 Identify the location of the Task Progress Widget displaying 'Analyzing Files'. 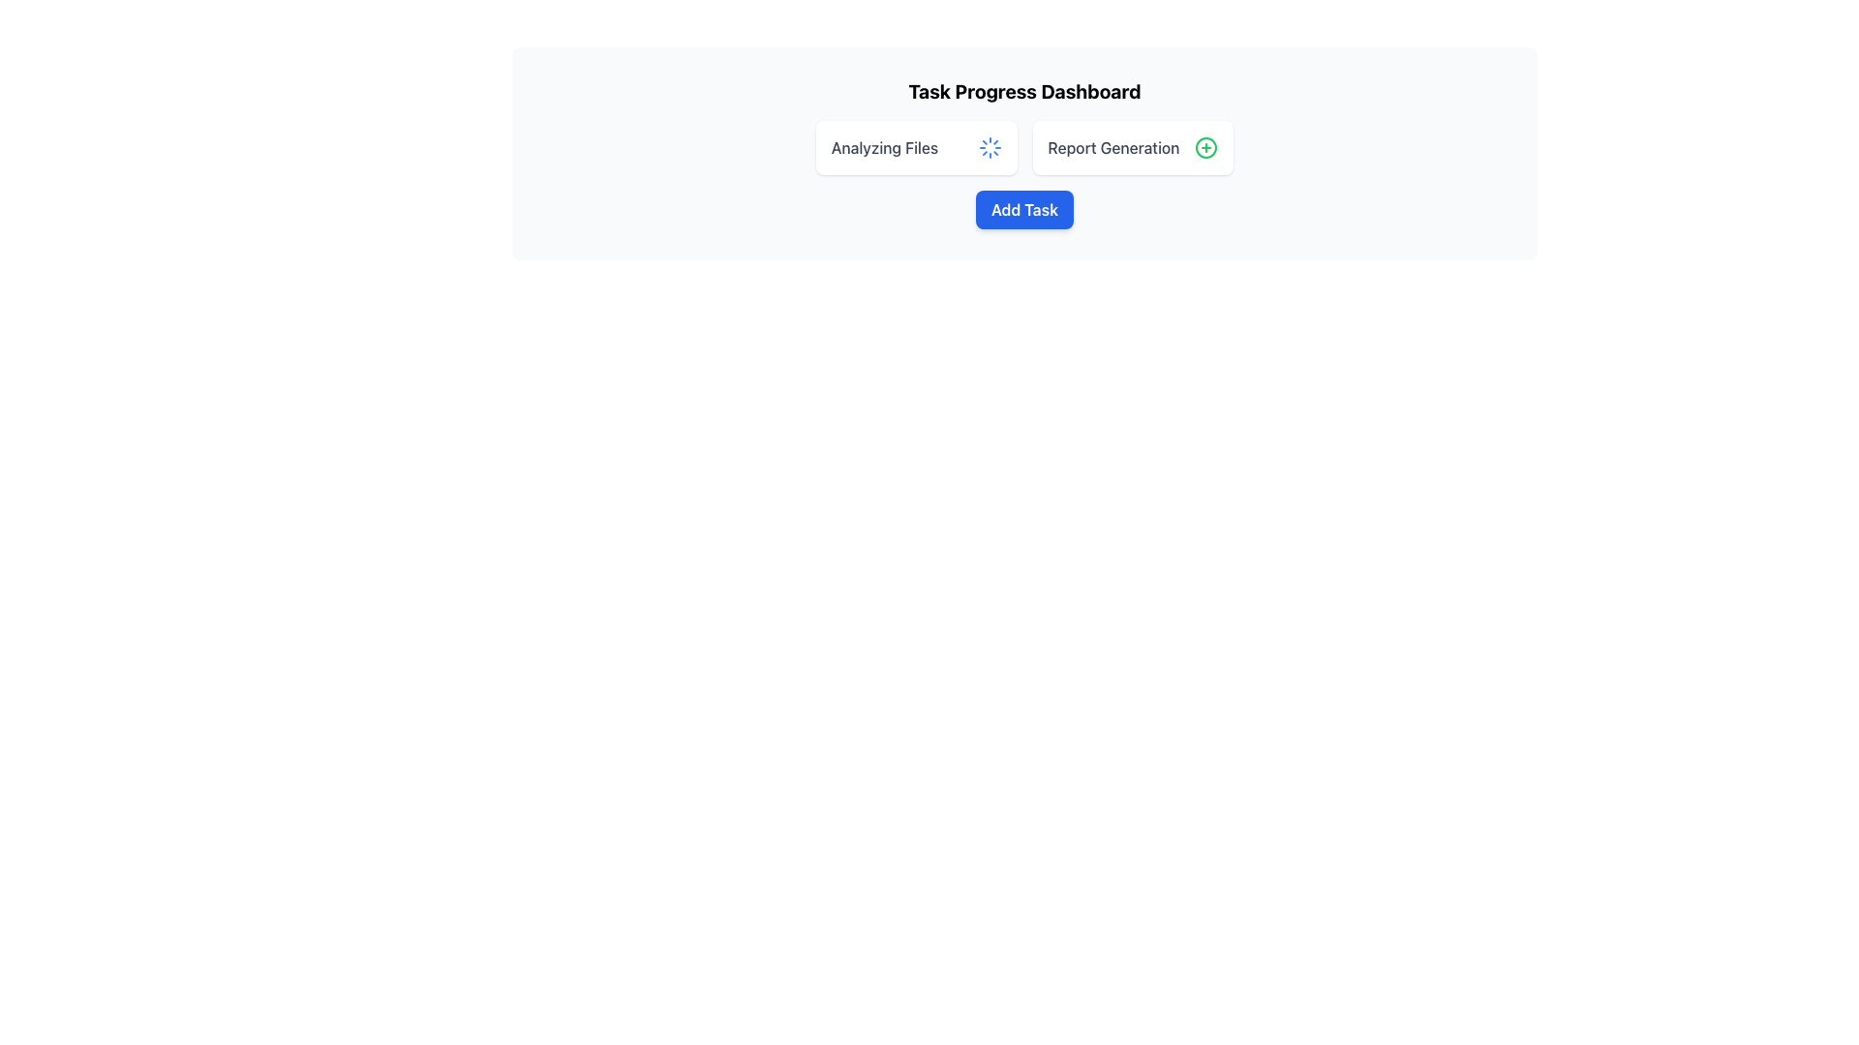
(915, 147).